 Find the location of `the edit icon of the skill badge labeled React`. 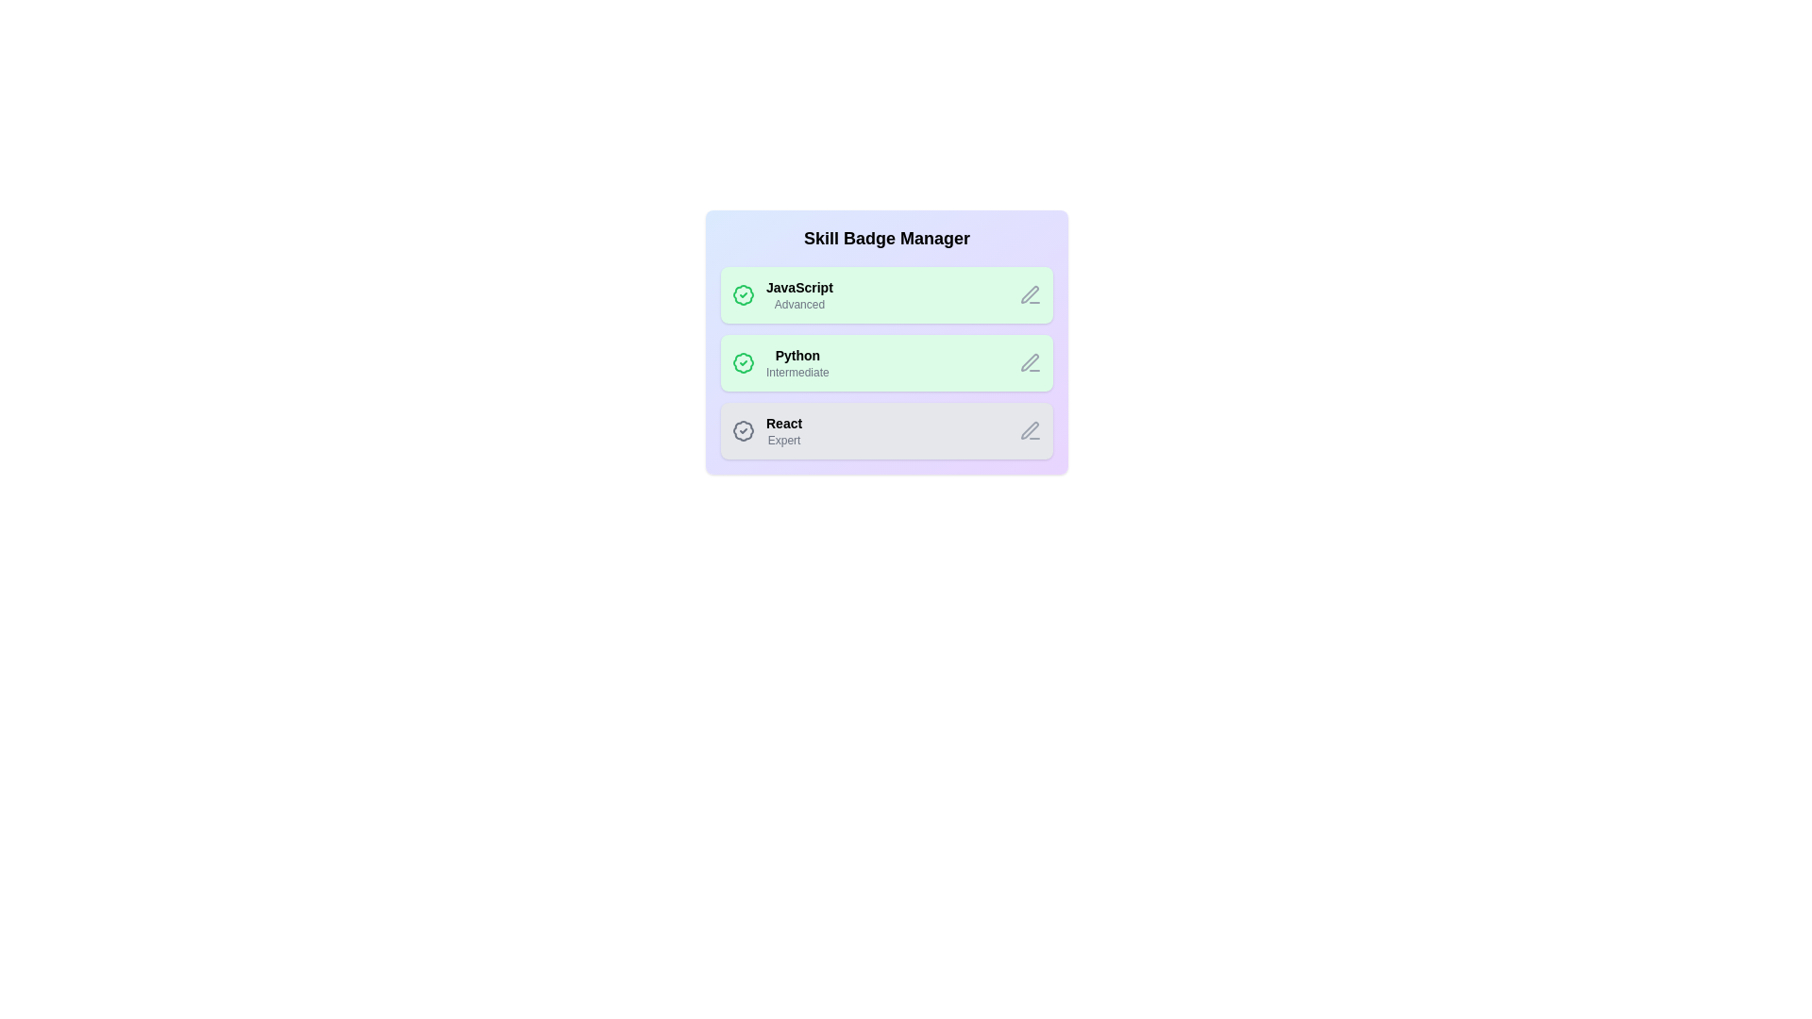

the edit icon of the skill badge labeled React is located at coordinates (1029, 430).